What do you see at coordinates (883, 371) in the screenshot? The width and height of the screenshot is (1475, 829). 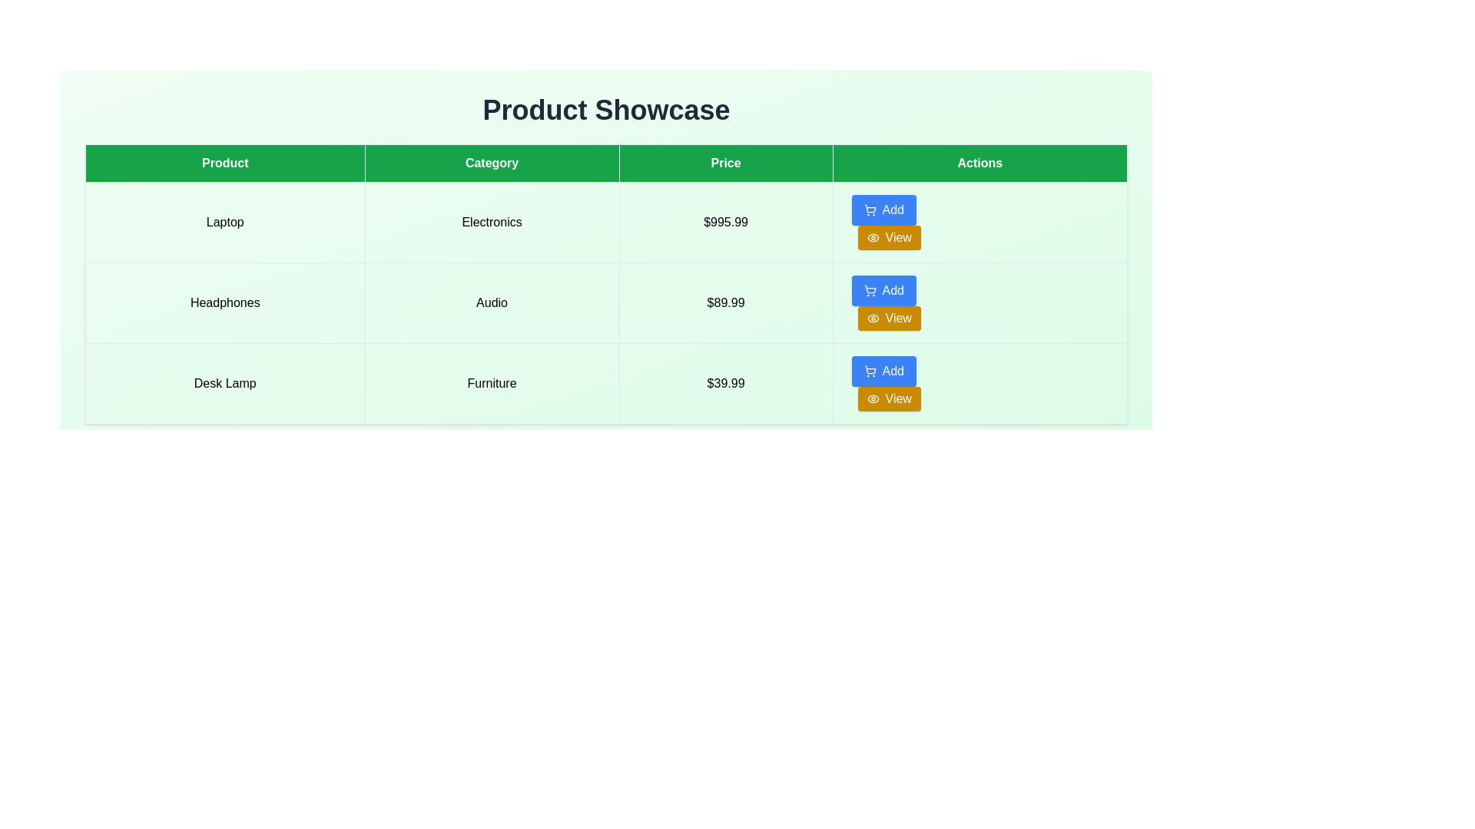 I see `the 'Add Desk Lamp' button located in the 'Actions' column of the last row` at bounding box center [883, 371].